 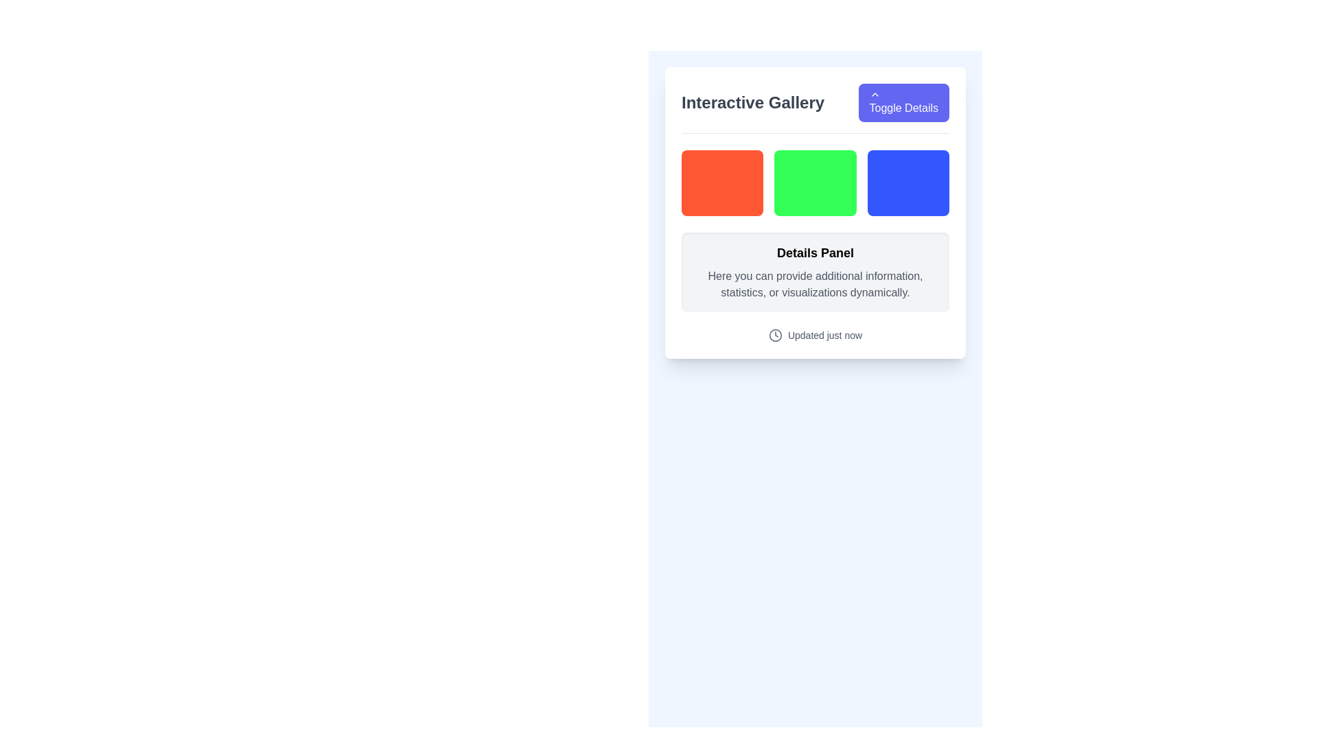 What do you see at coordinates (816, 253) in the screenshot?
I see `the Text Label that serves as the heading for the 'Details Panel' section located near the top-left area of the 'Details' section` at bounding box center [816, 253].